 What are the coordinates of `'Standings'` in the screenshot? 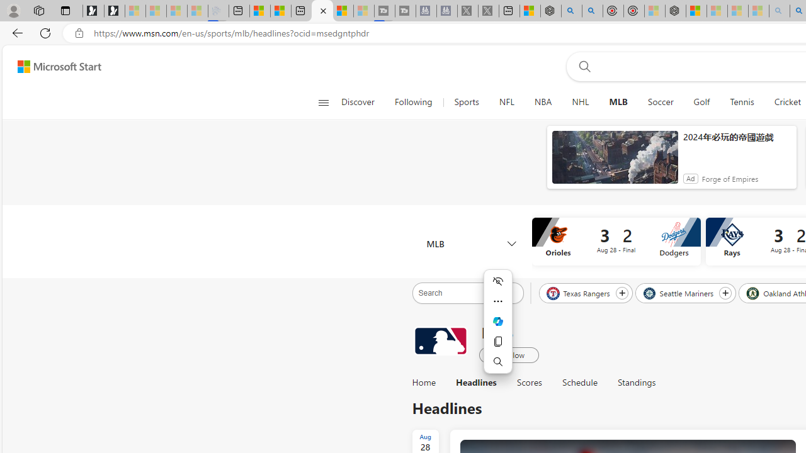 It's located at (637, 382).